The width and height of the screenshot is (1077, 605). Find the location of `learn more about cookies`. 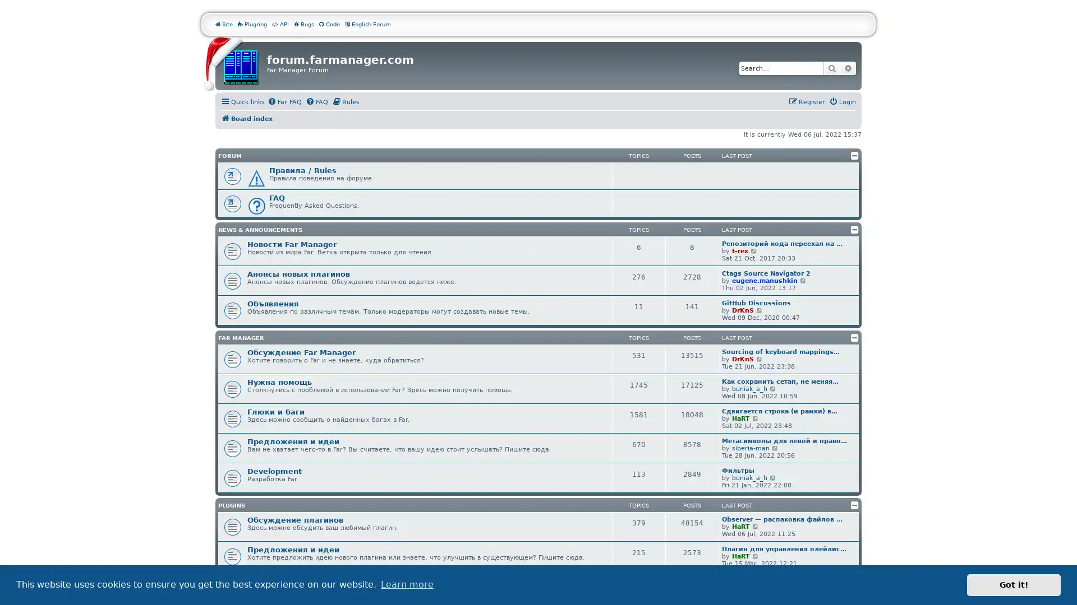

learn more about cookies is located at coordinates (406, 584).